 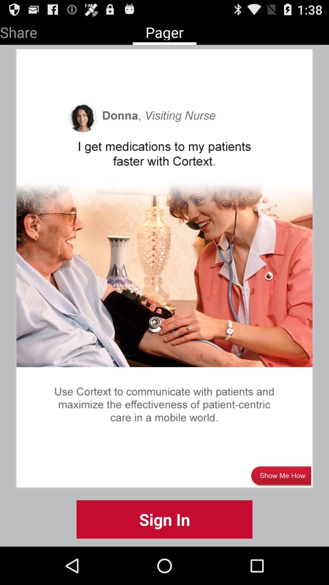 What do you see at coordinates (18, 31) in the screenshot?
I see `the share item` at bounding box center [18, 31].